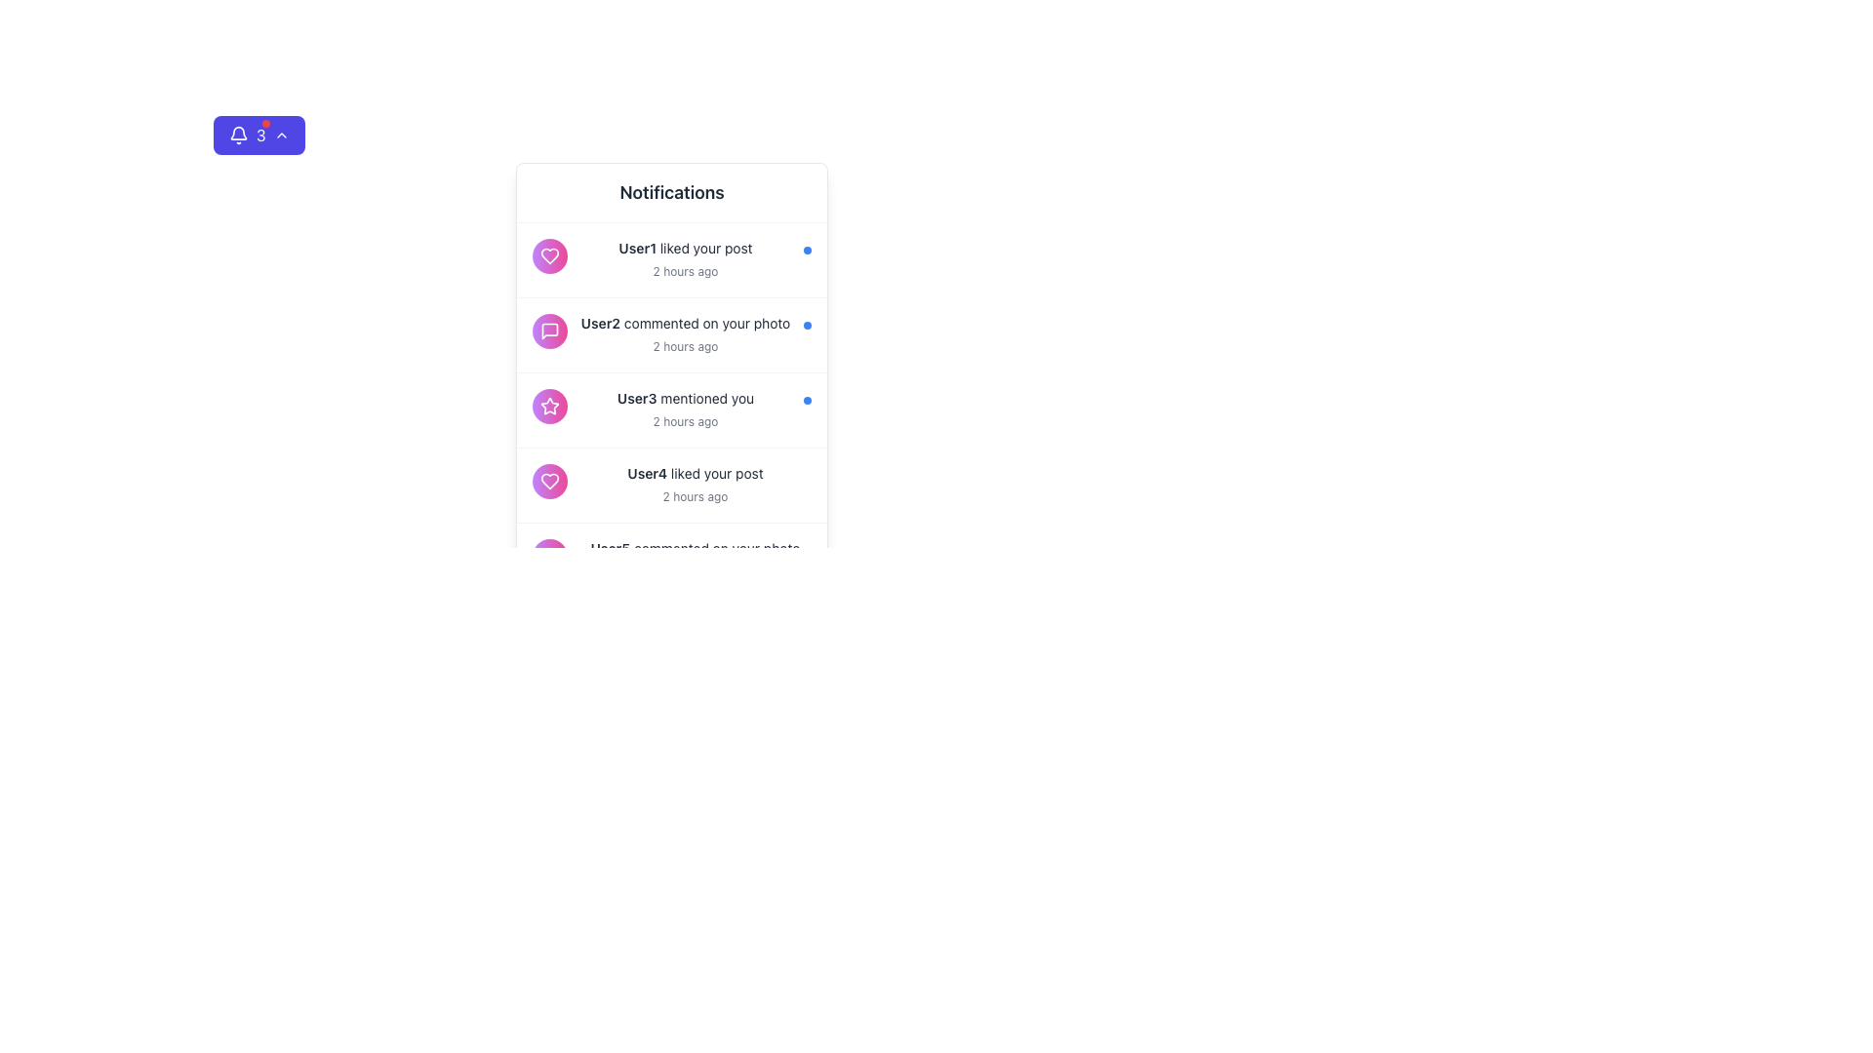 The height and width of the screenshot is (1053, 1873). Describe the element at coordinates (549, 254) in the screenshot. I see `the heart icon in the fourth notification row, which represents a 'like' or 'favorite' action` at that location.